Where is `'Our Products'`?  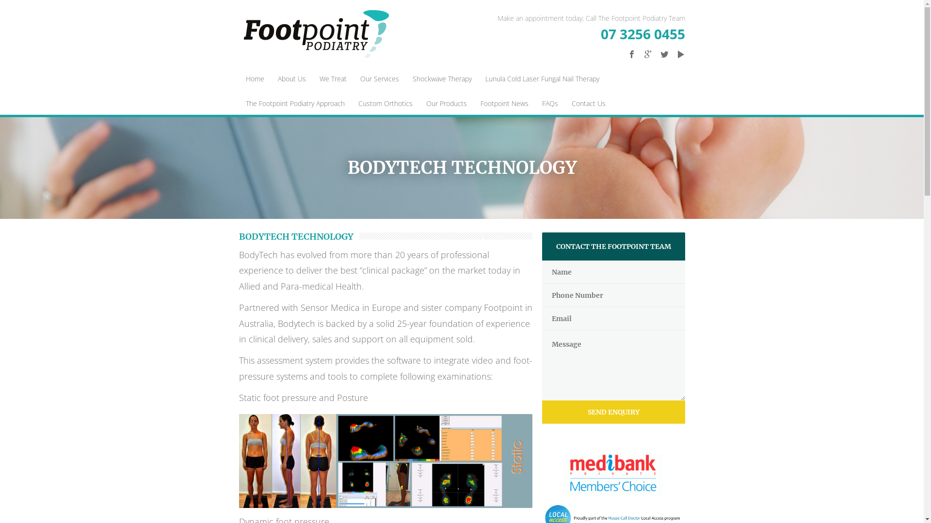
'Our Products' is located at coordinates (446, 105).